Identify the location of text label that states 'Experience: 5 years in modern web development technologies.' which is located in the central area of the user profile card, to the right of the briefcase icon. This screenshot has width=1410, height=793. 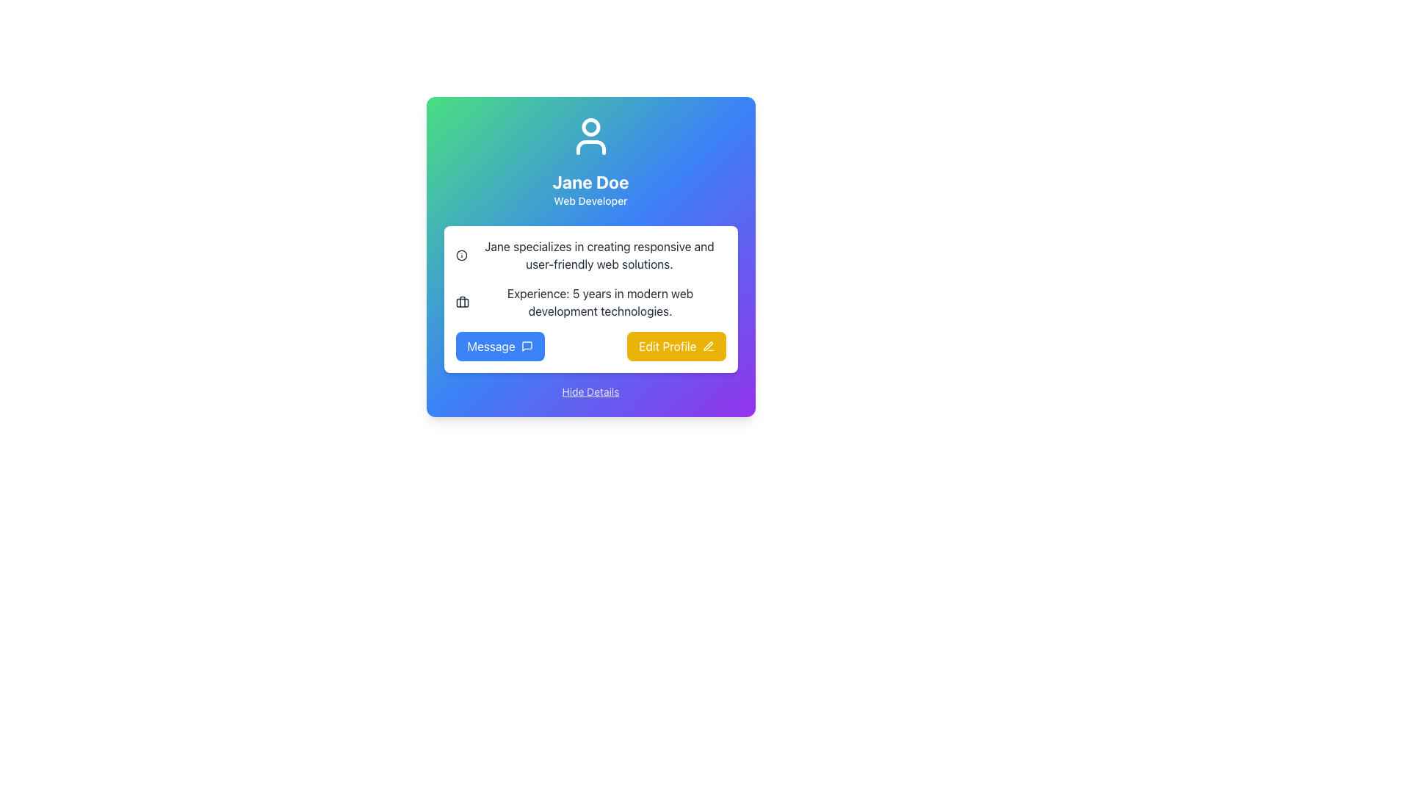
(600, 302).